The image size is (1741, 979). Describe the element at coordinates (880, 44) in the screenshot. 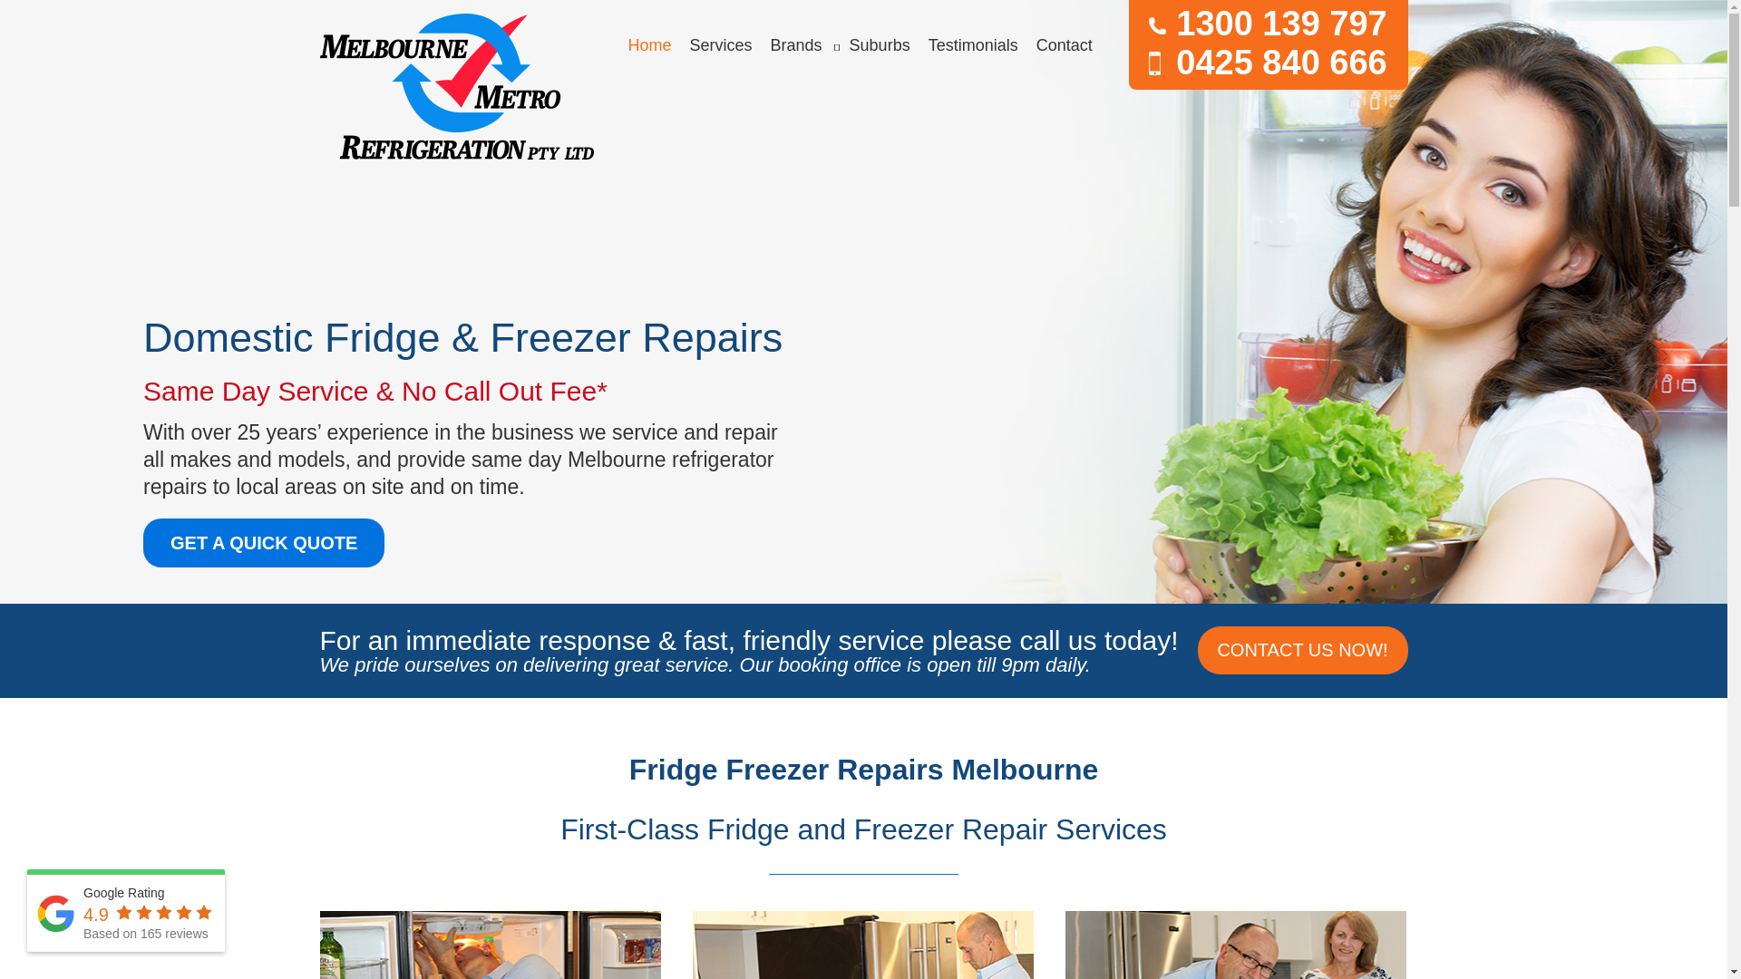

I see `'Suburbs'` at that location.